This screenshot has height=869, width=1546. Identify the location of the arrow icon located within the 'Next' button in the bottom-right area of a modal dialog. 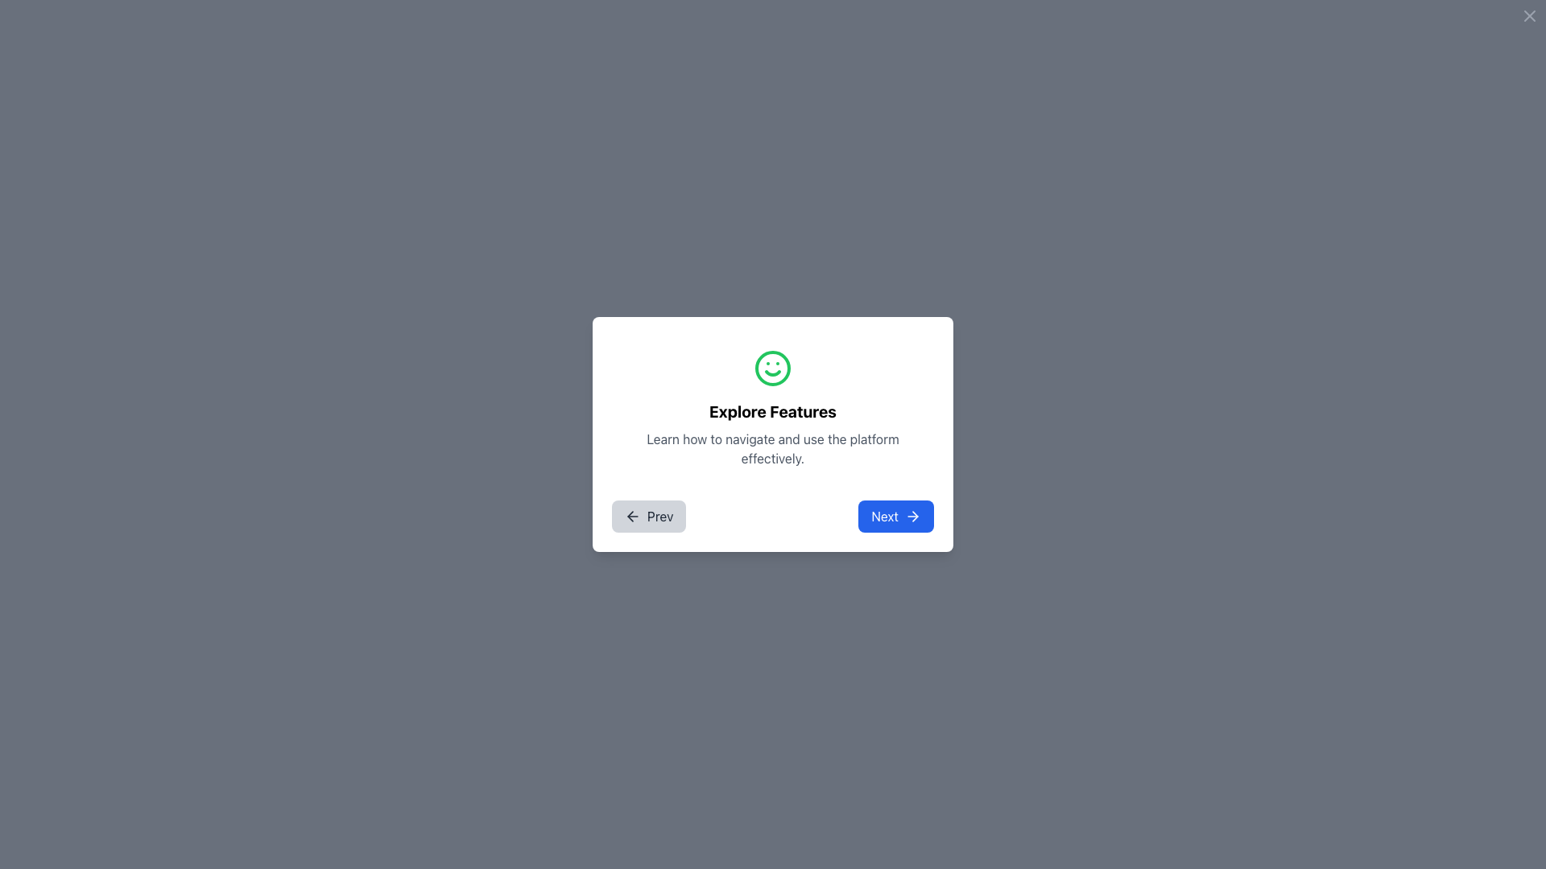
(915, 516).